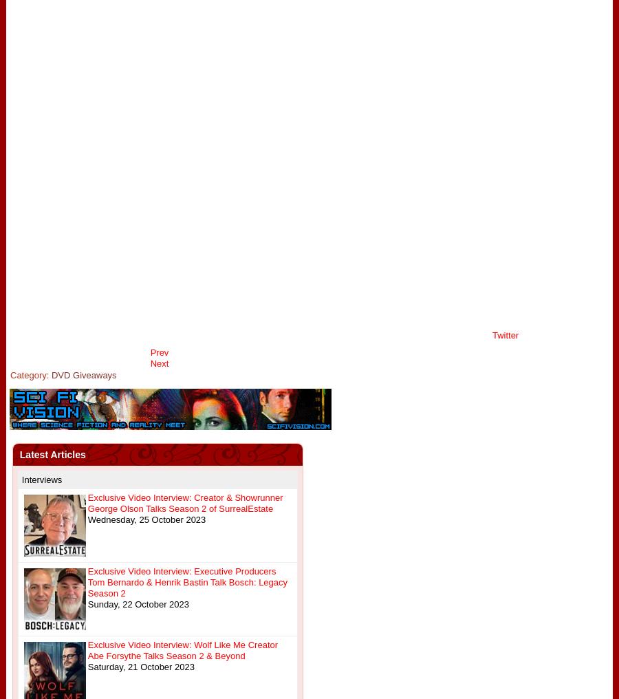 The height and width of the screenshot is (699, 619). What do you see at coordinates (505, 335) in the screenshot?
I see `'Twitter'` at bounding box center [505, 335].